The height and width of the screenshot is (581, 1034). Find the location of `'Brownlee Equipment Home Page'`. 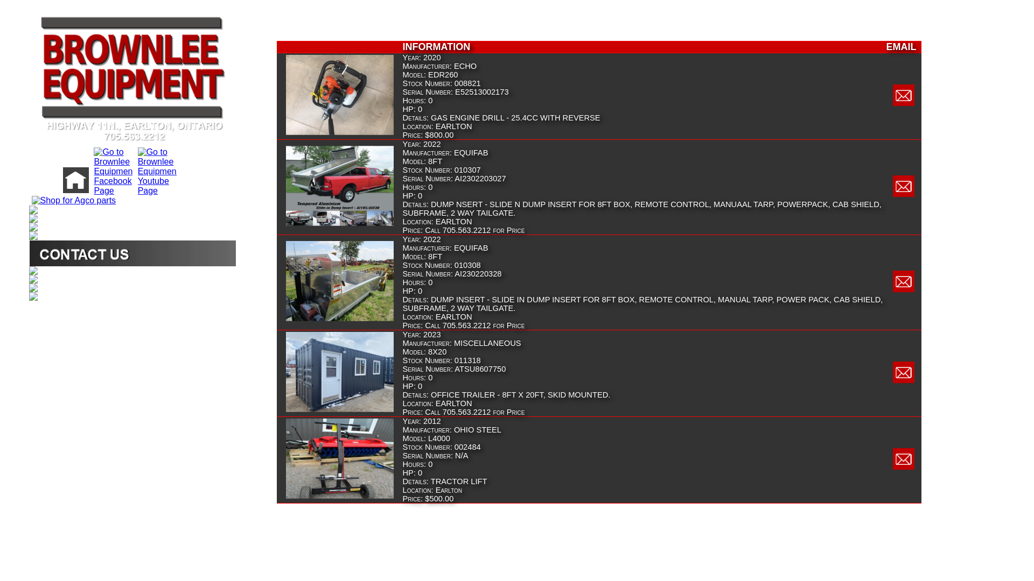

'Brownlee Equipment Home Page' is located at coordinates (74, 190).